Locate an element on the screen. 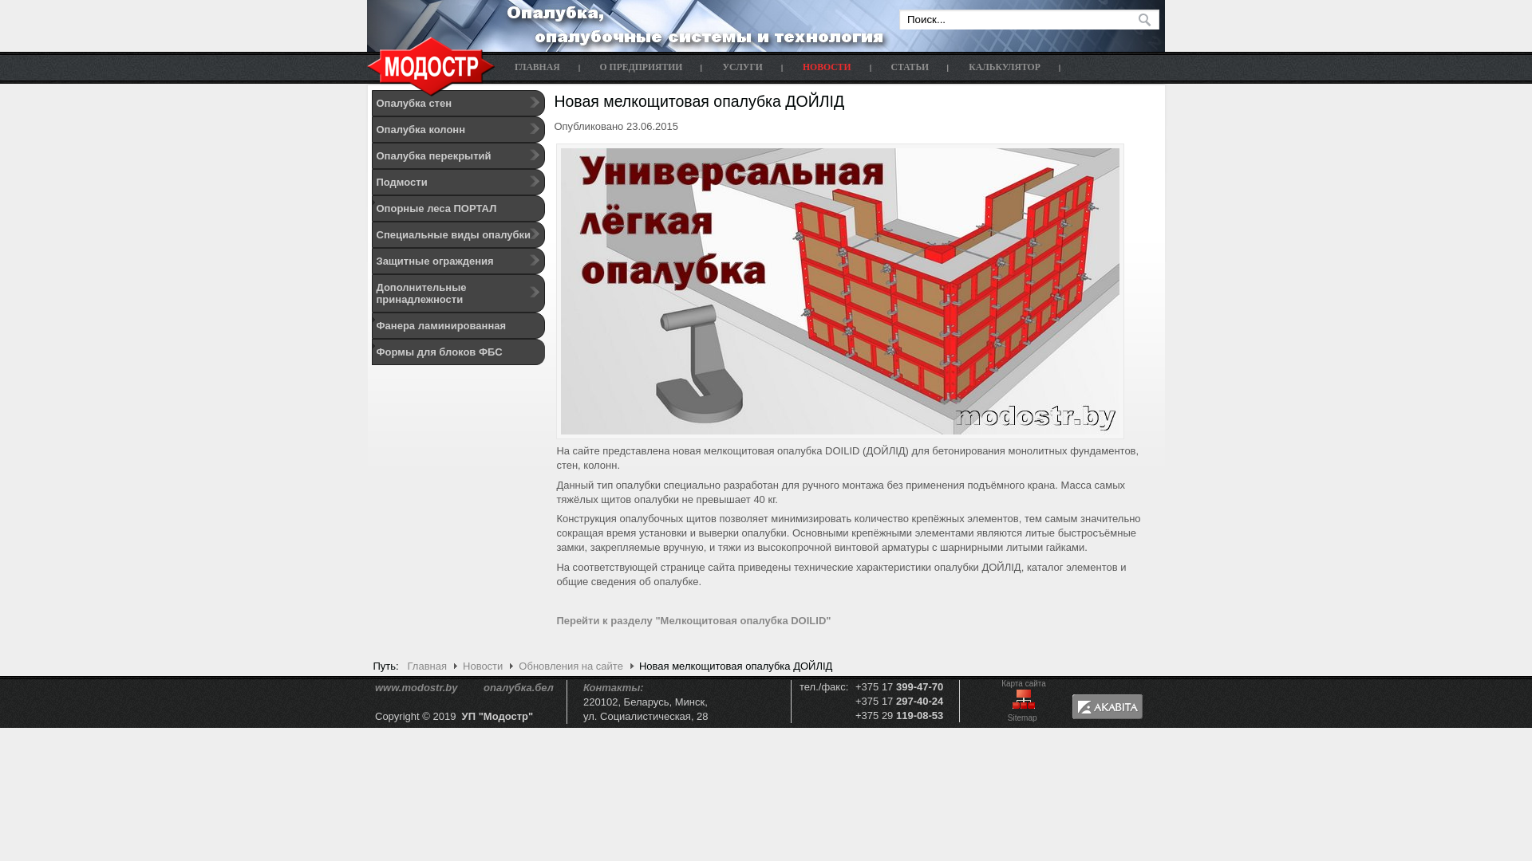 The height and width of the screenshot is (861, 1532). 'Sitemap ' is located at coordinates (1023, 716).